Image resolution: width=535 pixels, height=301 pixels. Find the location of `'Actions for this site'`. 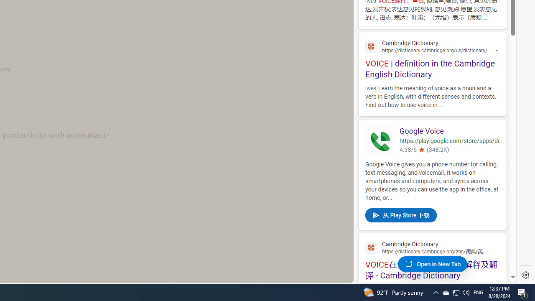

'Actions for this site' is located at coordinates (497, 51).